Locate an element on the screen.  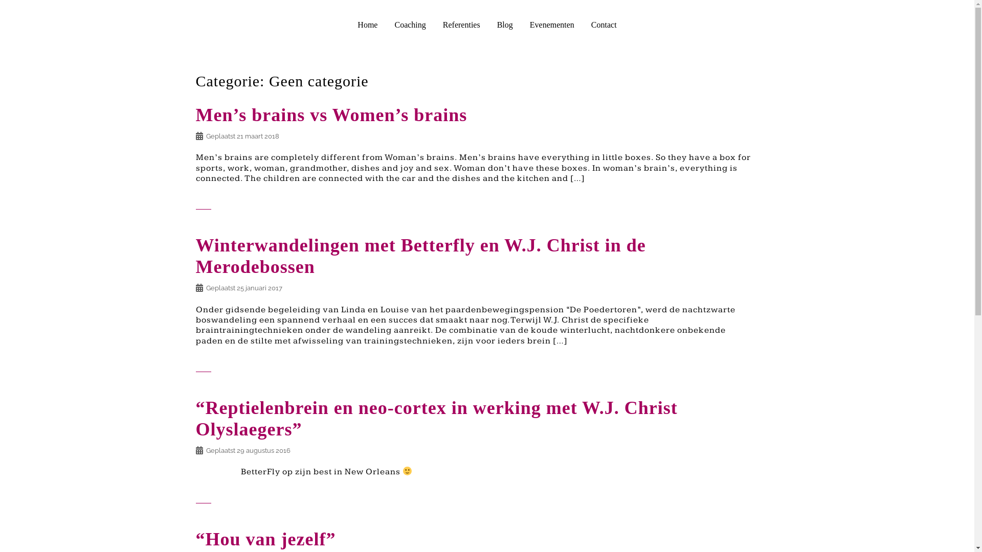
'Contact' is located at coordinates (604, 24).